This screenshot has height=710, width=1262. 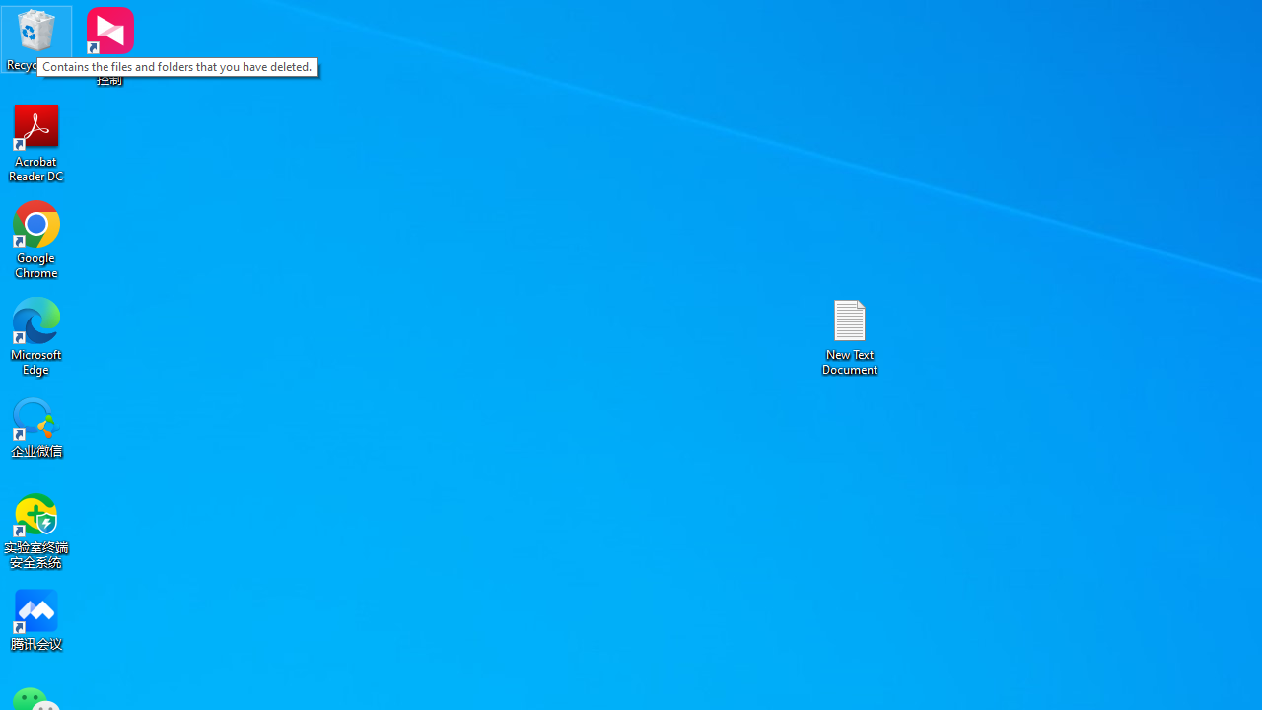 I want to click on 'Microsoft Edge', so click(x=36, y=335).